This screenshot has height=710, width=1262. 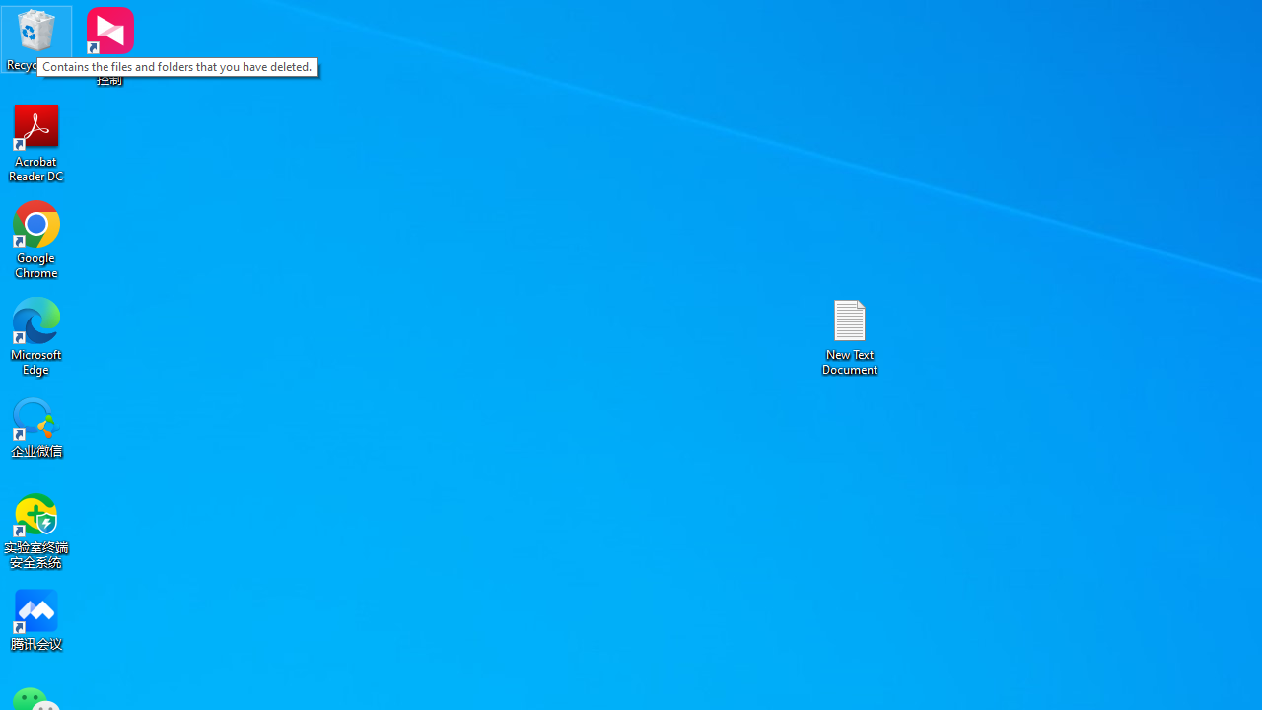 I want to click on 'Microsoft Edge', so click(x=36, y=335).